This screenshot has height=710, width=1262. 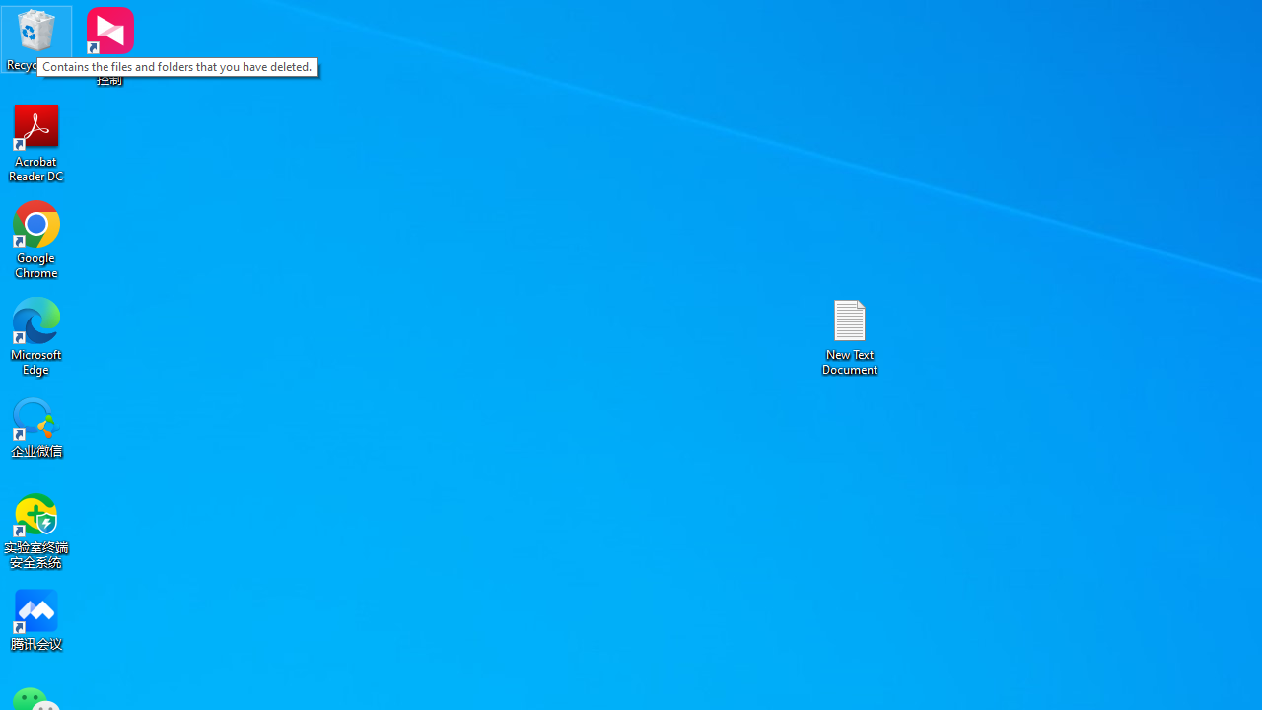 I want to click on 'Microsoft Edge', so click(x=36, y=335).